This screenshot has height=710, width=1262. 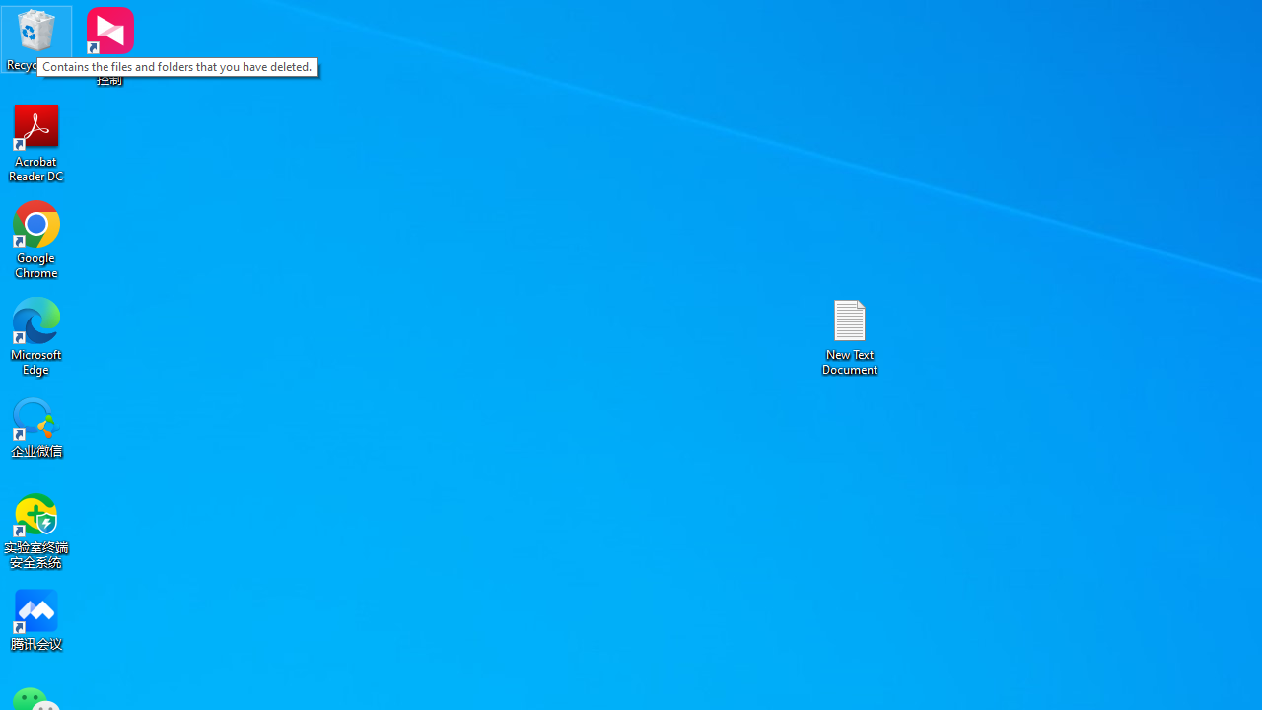 I want to click on 'Microsoft Edge', so click(x=36, y=335).